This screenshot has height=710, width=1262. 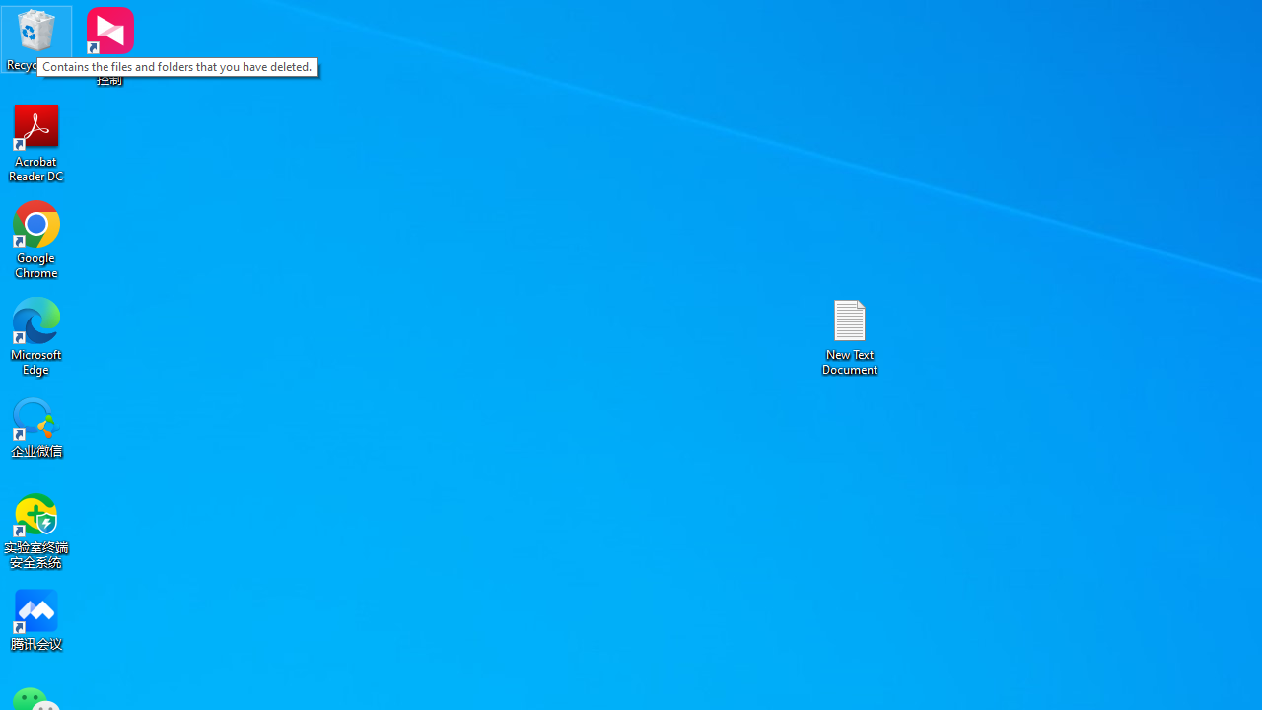 I want to click on 'Microsoft Edge', so click(x=36, y=335).